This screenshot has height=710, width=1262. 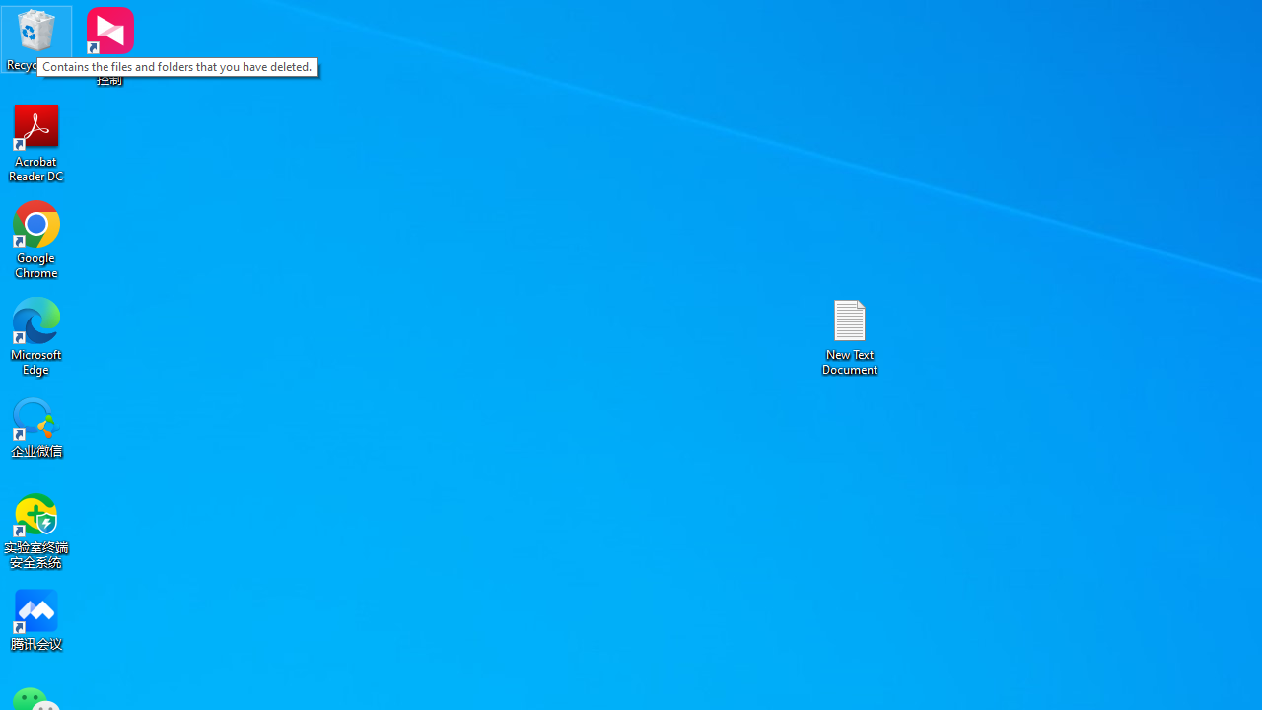 I want to click on 'Microsoft Edge', so click(x=36, y=335).